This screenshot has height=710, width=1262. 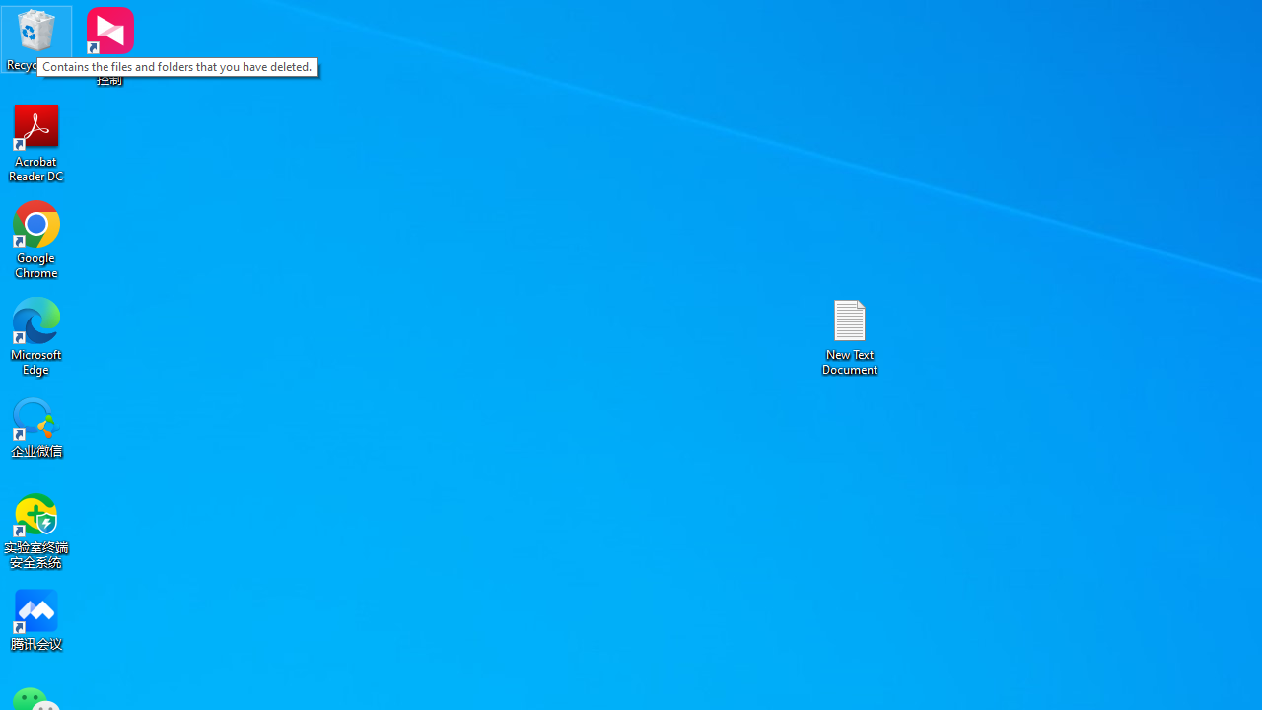 I want to click on 'Microsoft Edge', so click(x=36, y=335).